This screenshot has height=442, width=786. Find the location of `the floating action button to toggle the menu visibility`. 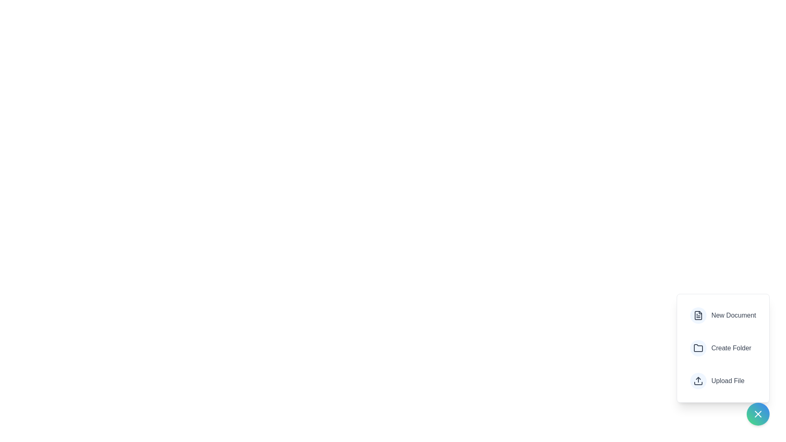

the floating action button to toggle the menu visibility is located at coordinates (758, 414).